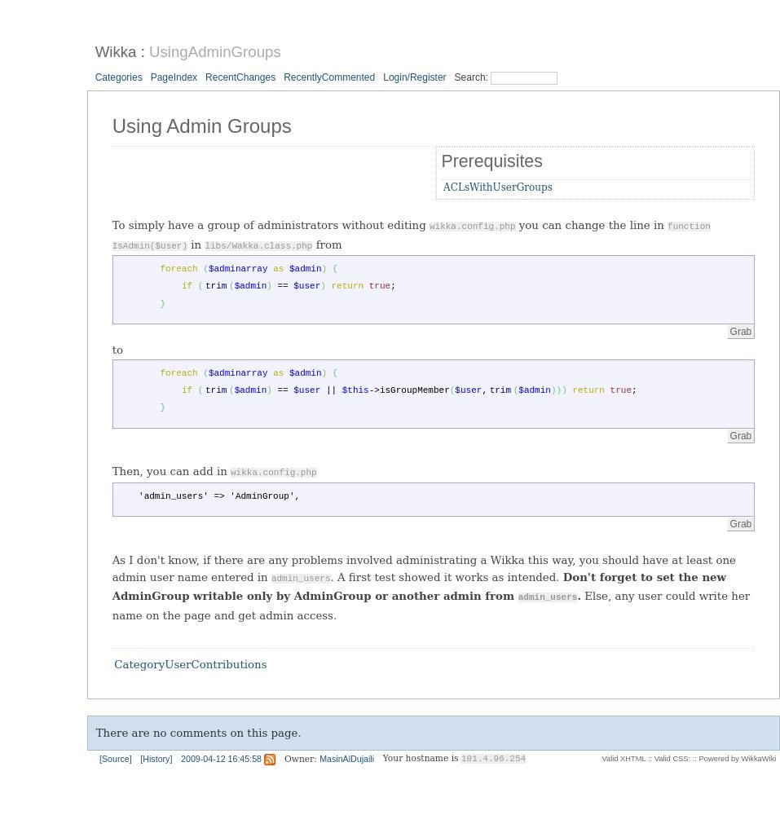 The image size is (780, 815). Describe the element at coordinates (413, 389) in the screenshot. I see `'isGroupMember'` at that location.